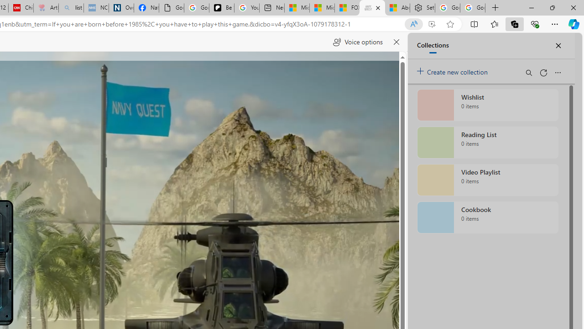 Image resolution: width=584 pixels, height=329 pixels. What do you see at coordinates (172, 8) in the screenshot?
I see `'Google Analytics Opt-out Browser Add-on Download Page'` at bounding box center [172, 8].